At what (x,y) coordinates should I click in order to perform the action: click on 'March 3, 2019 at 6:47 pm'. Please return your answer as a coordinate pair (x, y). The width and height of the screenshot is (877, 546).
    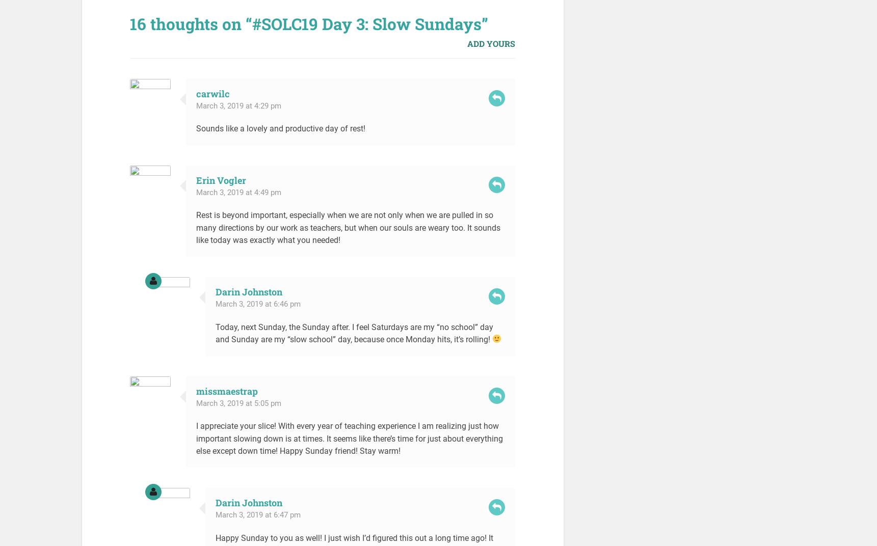
    Looking at the image, I should click on (214, 515).